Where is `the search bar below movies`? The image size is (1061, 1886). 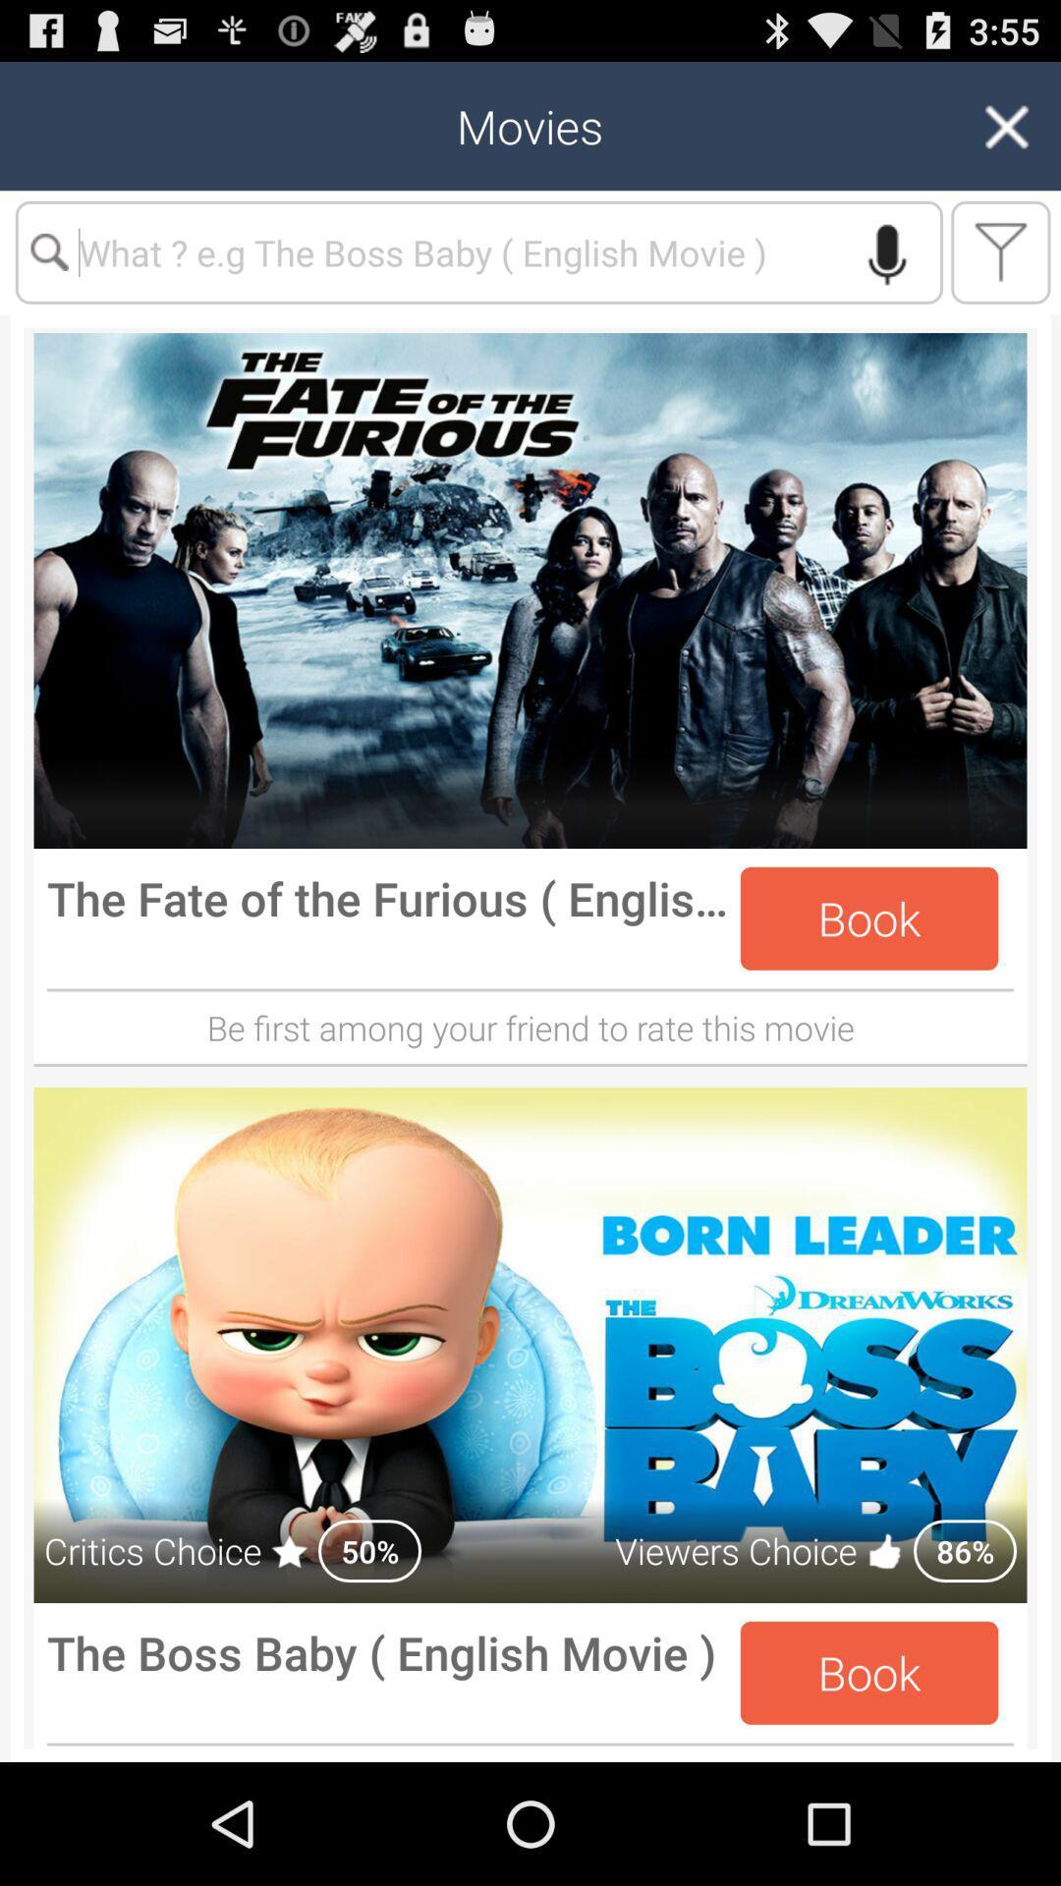 the search bar below movies is located at coordinates (479, 251).